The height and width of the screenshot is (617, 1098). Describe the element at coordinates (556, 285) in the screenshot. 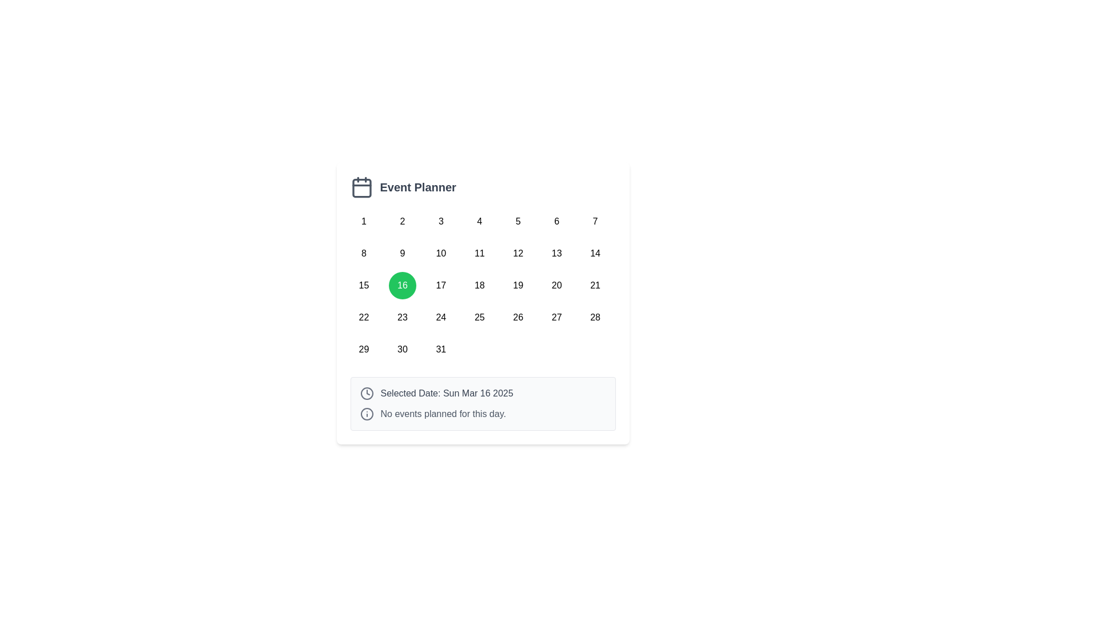

I see `the circular button displaying the number '20' located` at that location.